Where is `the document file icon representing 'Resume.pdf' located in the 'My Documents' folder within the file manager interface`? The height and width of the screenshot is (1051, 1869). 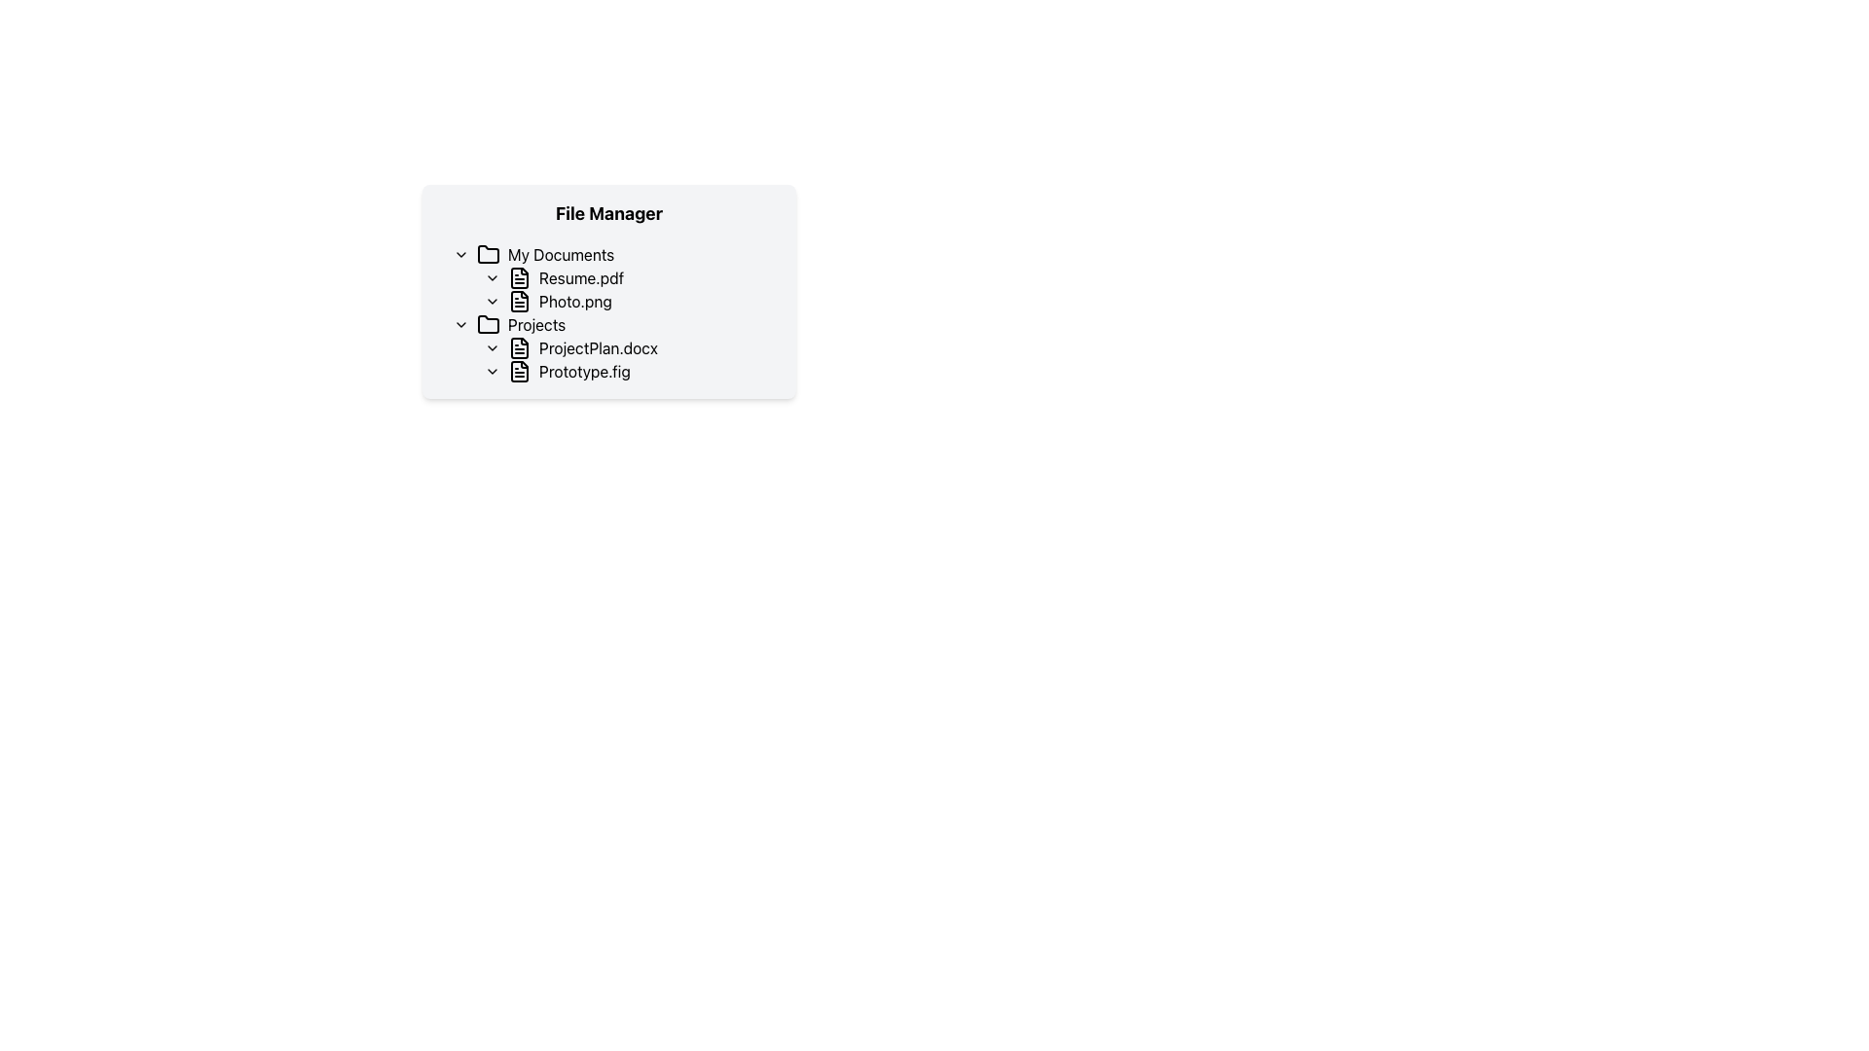
the document file icon representing 'Resume.pdf' located in the 'My Documents' folder within the file manager interface is located at coordinates (519, 277).